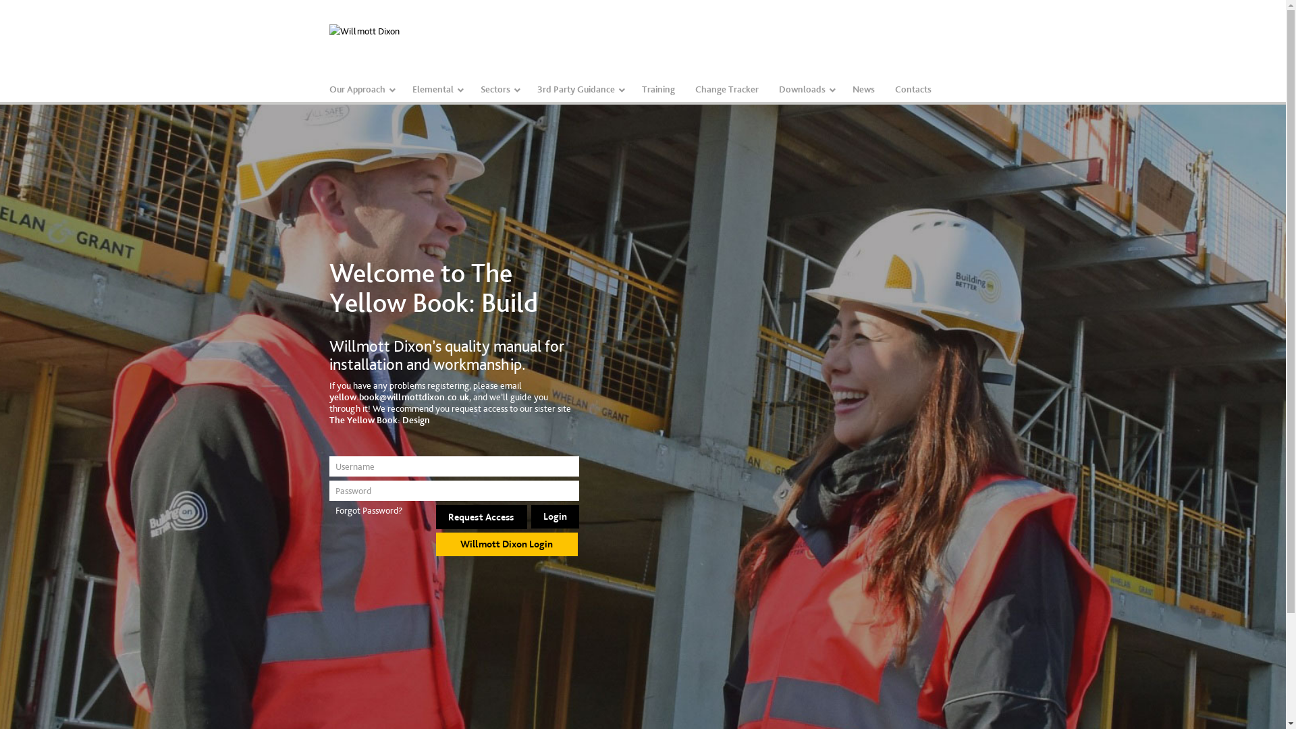 This screenshot has width=1296, height=729. I want to click on 'The Yellow Book: Design', so click(379, 418).